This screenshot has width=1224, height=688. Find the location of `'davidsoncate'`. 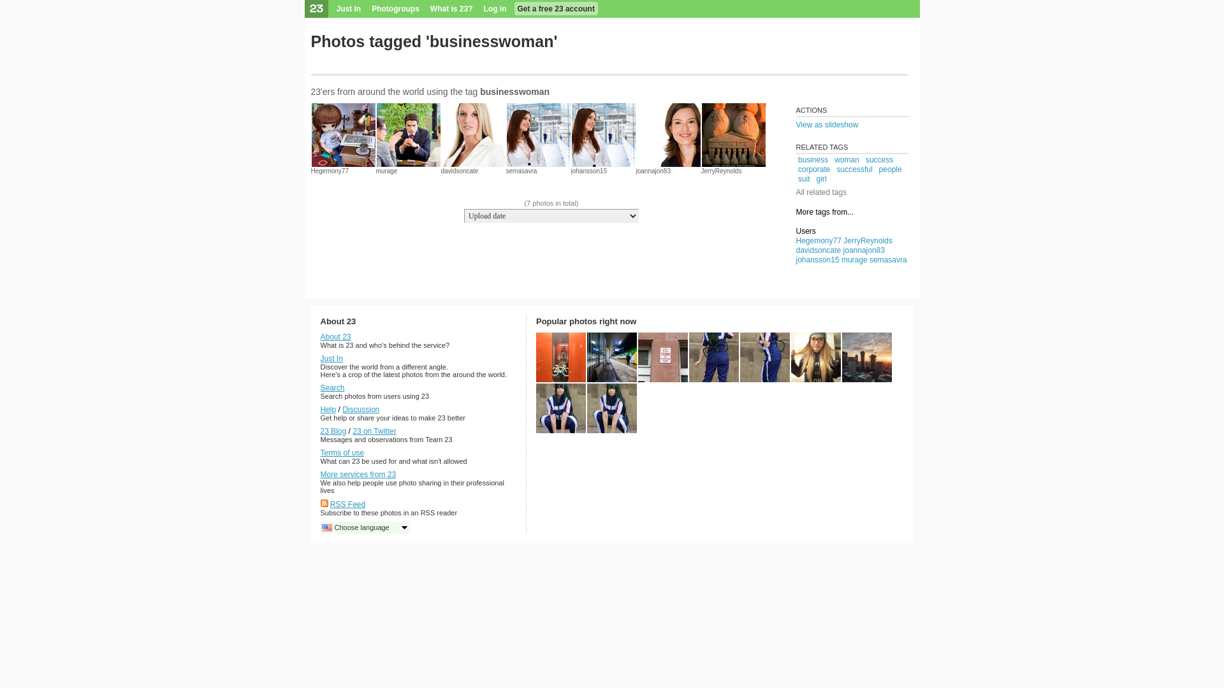

'davidsoncate' is located at coordinates (459, 170).